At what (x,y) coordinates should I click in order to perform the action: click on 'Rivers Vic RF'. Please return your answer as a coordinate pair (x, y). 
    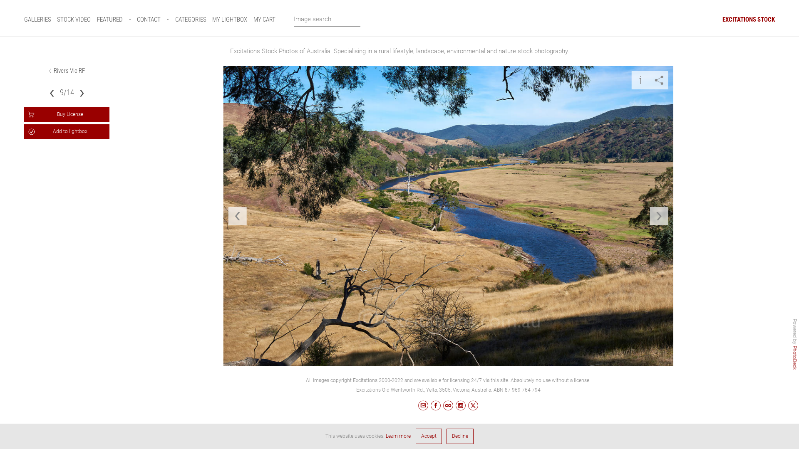
    Looking at the image, I should click on (69, 70).